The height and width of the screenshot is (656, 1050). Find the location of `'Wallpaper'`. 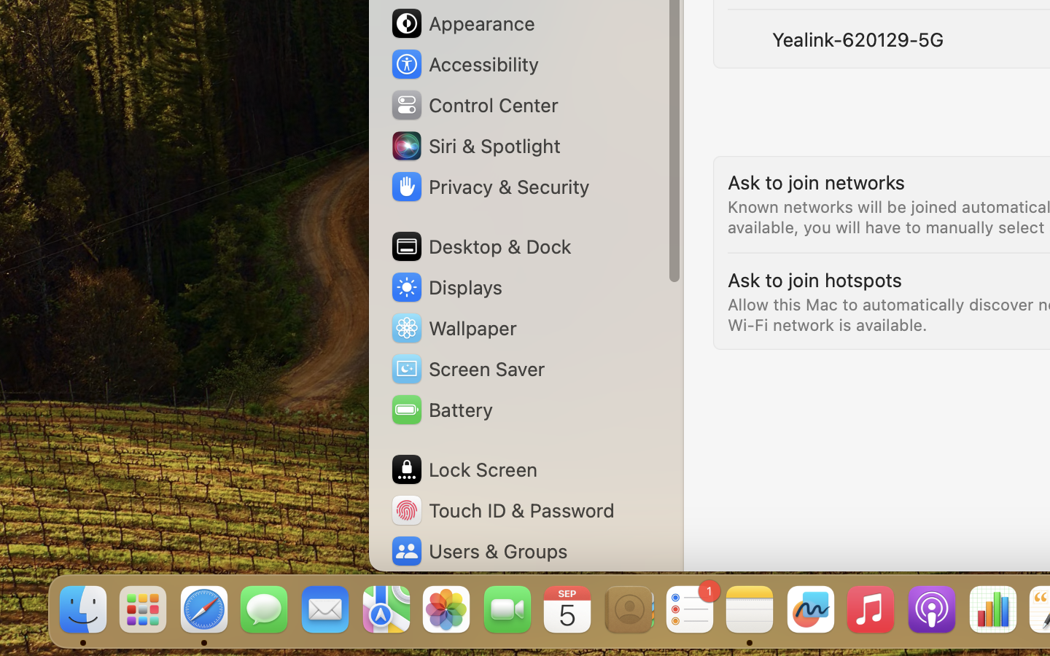

'Wallpaper' is located at coordinates (452, 328).